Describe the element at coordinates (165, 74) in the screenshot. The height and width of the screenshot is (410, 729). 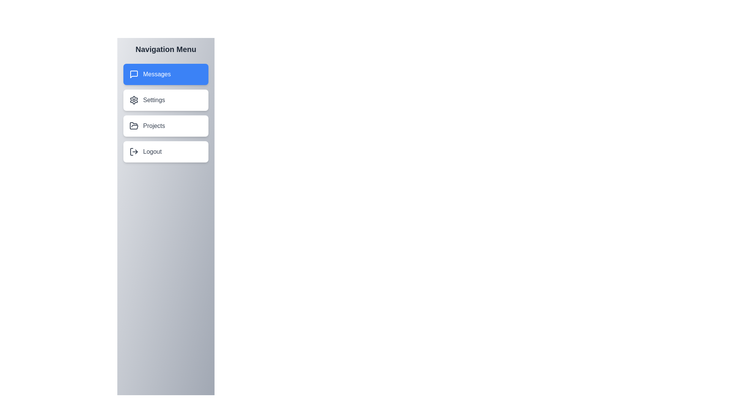
I see `the menu item Messages to navigate` at that location.